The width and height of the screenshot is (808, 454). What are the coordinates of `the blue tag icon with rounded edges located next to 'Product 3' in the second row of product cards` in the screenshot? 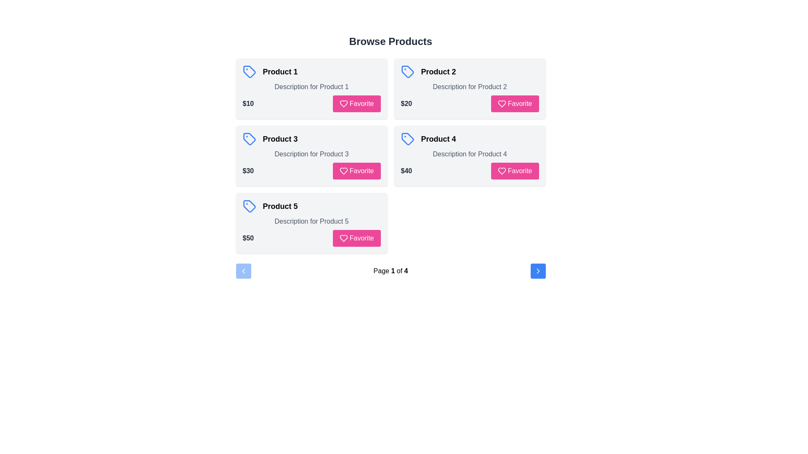 It's located at (249, 139).